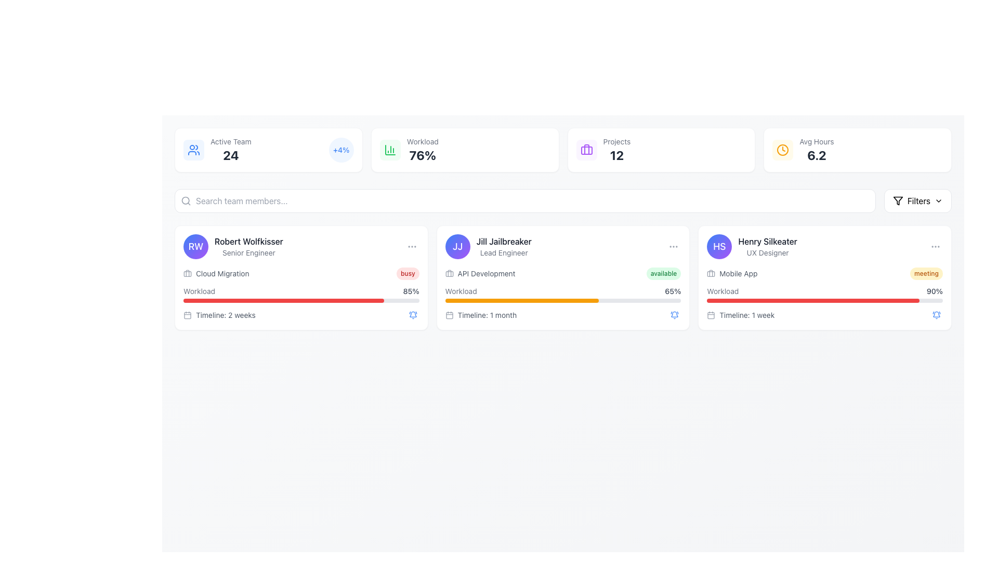  What do you see at coordinates (768, 246) in the screenshot?
I see `the text block providing information about Henry Silkeater, located at the top-right corner of his profile card, to interact with the profile` at bounding box center [768, 246].